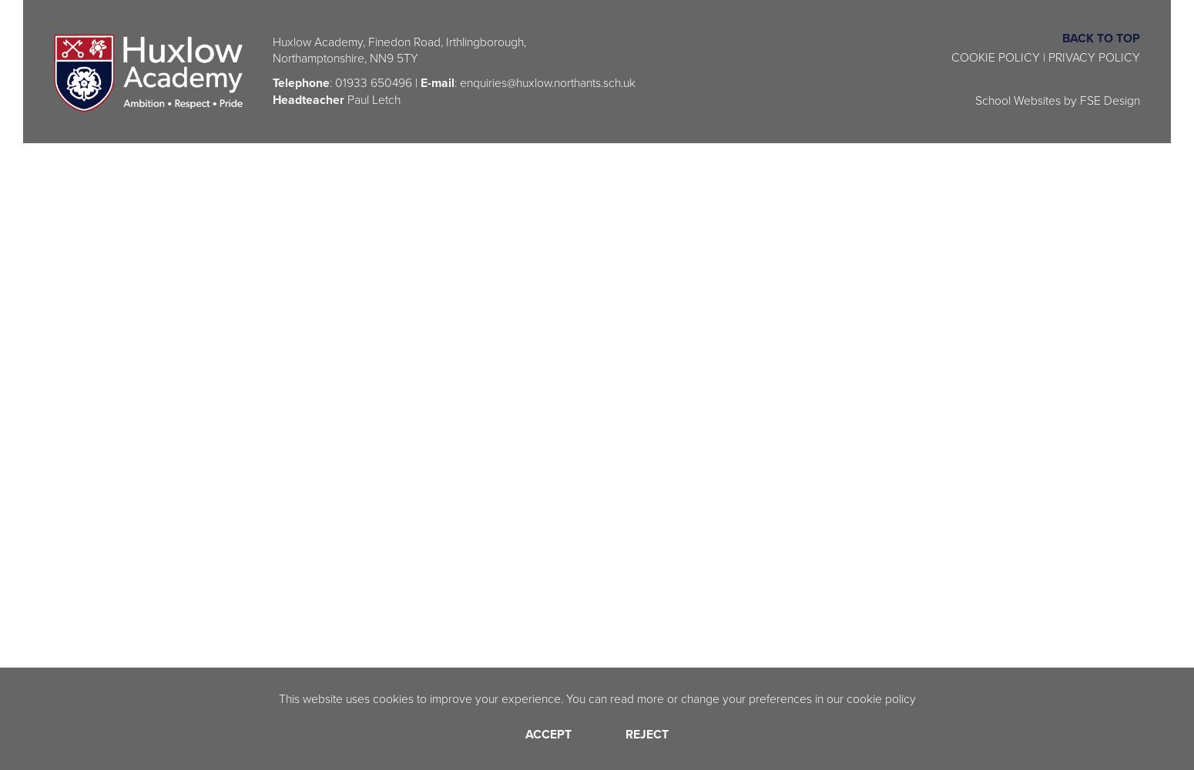 This screenshot has height=770, width=1194. Describe the element at coordinates (436, 82) in the screenshot. I see `'E-mail'` at that location.